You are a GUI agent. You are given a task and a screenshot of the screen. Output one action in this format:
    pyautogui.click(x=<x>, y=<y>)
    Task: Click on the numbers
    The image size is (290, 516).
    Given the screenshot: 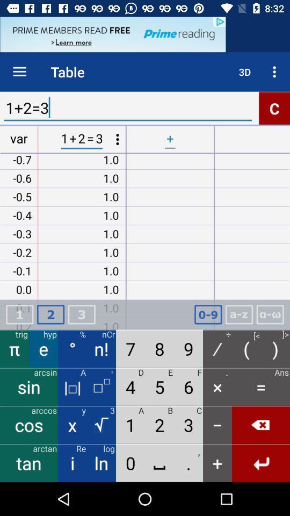 What is the action you would take?
    pyautogui.click(x=208, y=314)
    